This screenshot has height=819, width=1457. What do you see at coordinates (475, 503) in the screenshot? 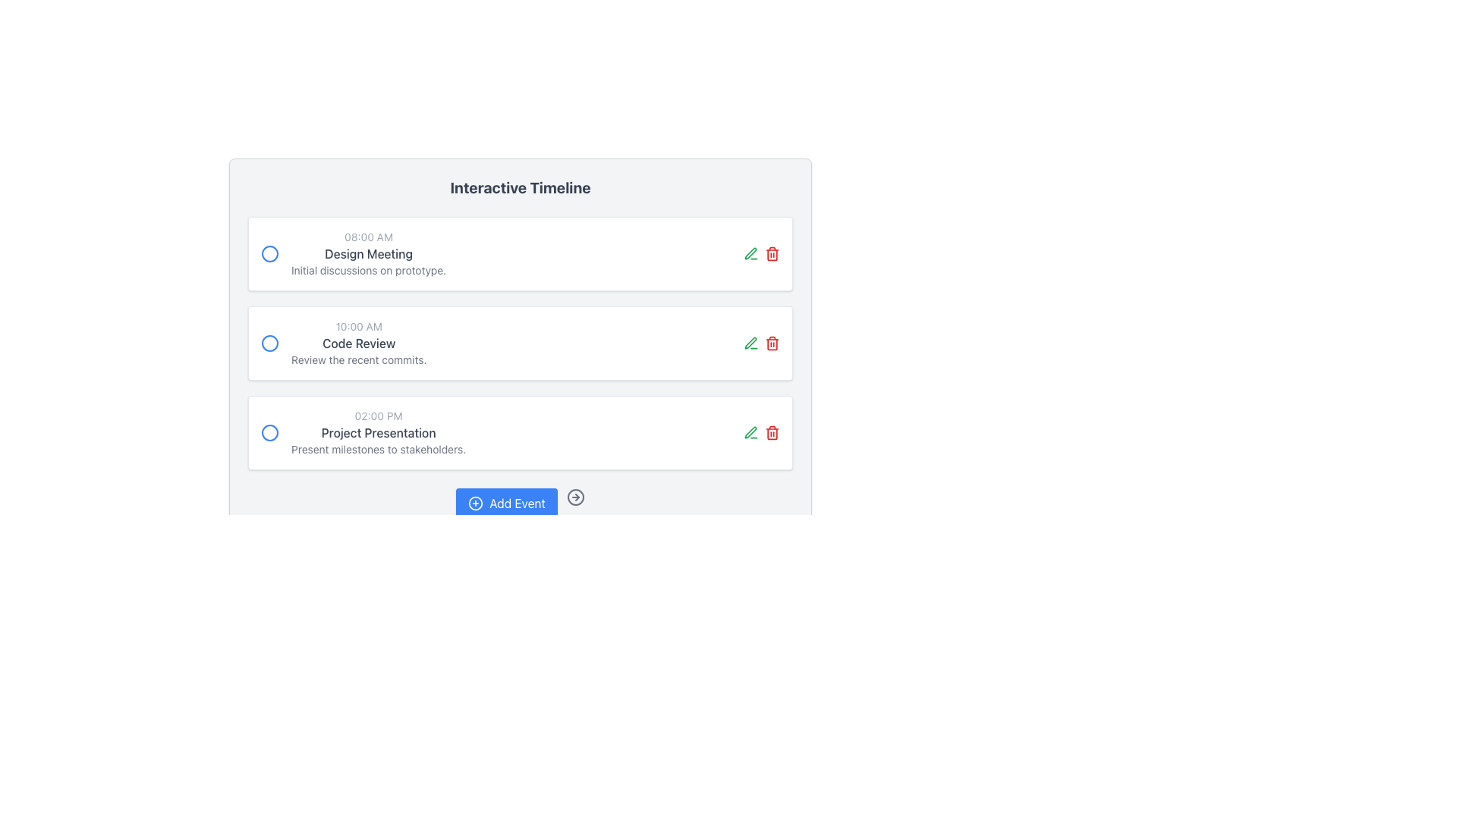
I see `the icon located on the left end of the blue 'Add Event' button, which signifies the action of adding a new event to the timeline` at bounding box center [475, 503].